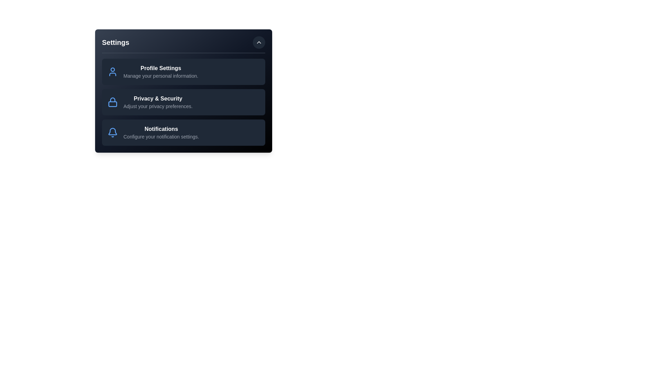  What do you see at coordinates (113, 133) in the screenshot?
I see `the icon corresponding to Notifications to interact with it` at bounding box center [113, 133].